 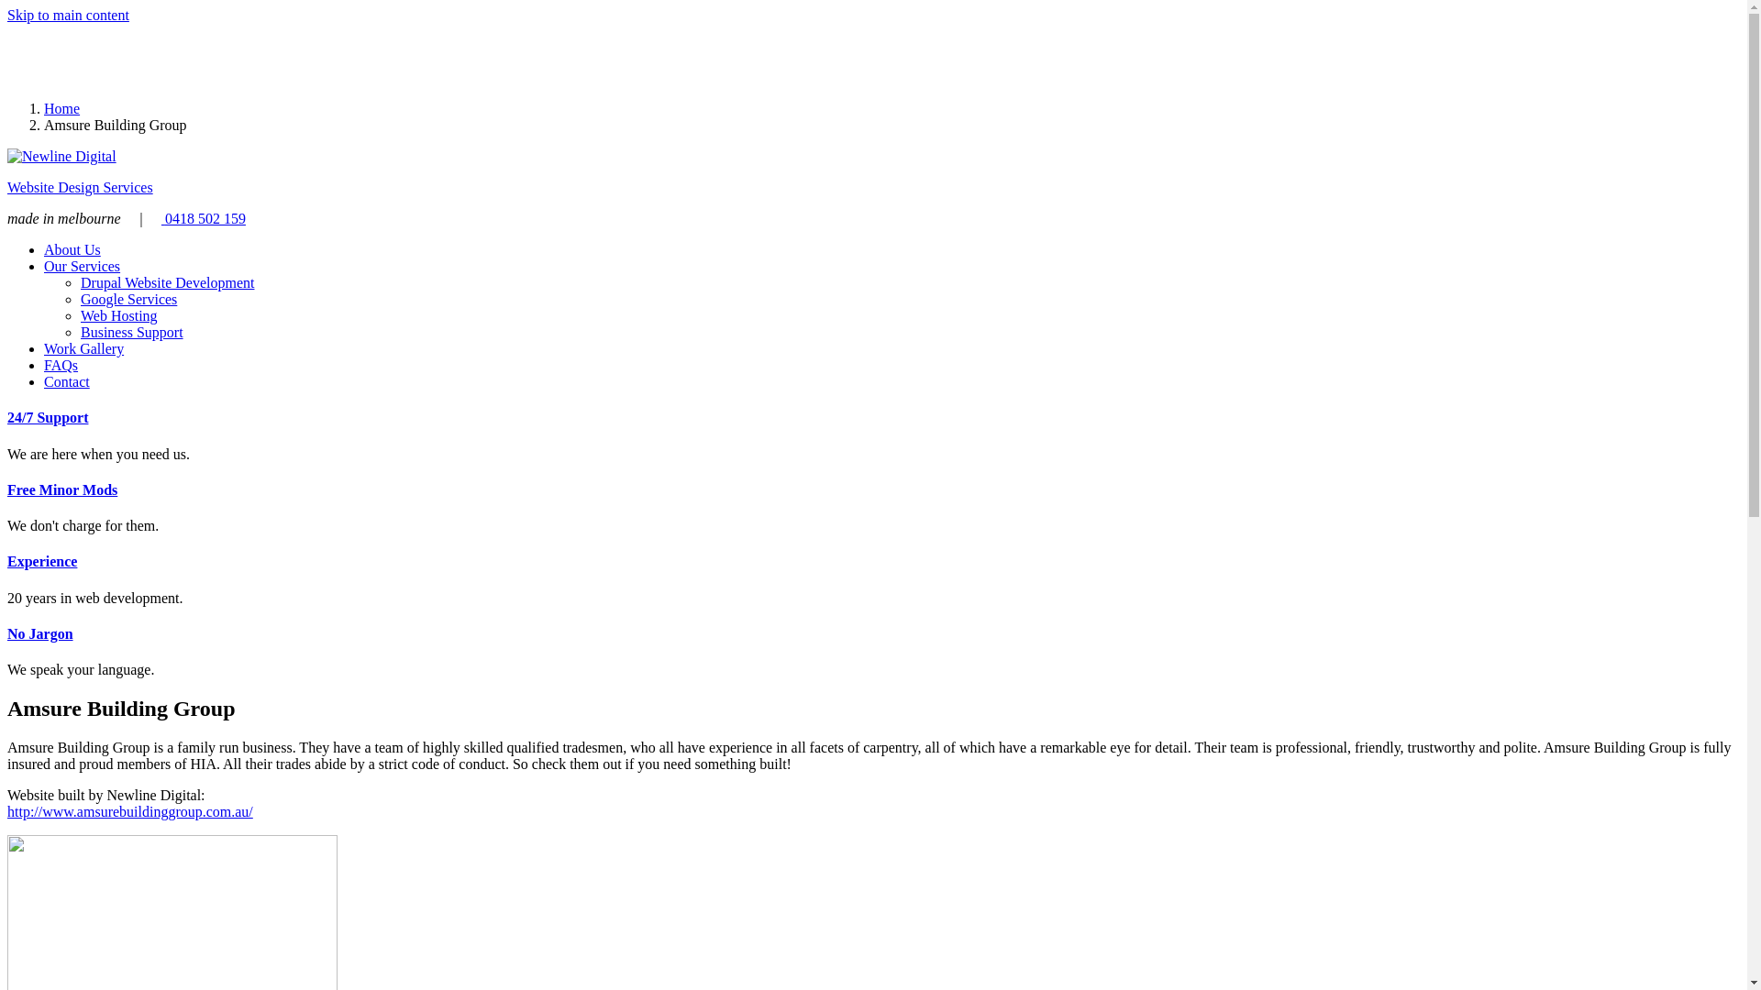 I want to click on 'Home', so click(x=61, y=108).